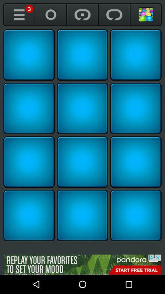  Describe the element at coordinates (19, 14) in the screenshot. I see `menu` at that location.